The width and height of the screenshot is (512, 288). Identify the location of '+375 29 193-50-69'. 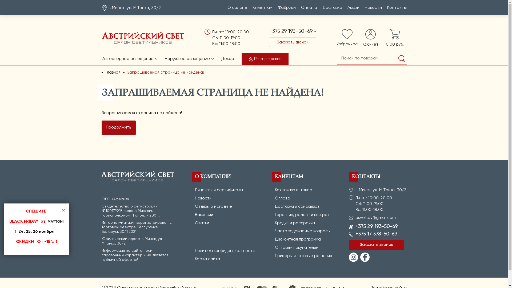
(355, 226).